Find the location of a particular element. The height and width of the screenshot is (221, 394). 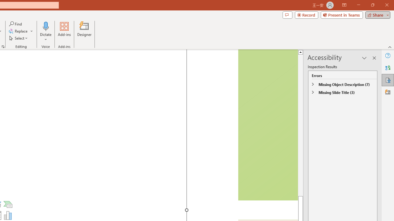

'Camera 5, No camera detected.' is located at coordinates (267, 125).